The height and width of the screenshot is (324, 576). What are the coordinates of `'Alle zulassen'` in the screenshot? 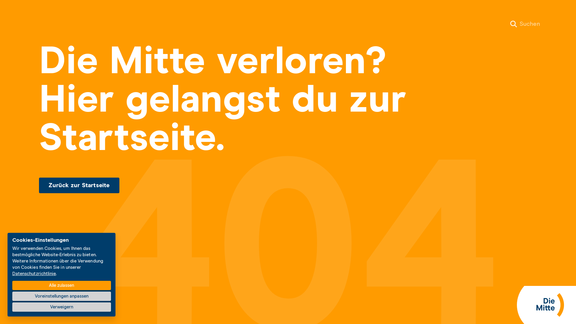 It's located at (61, 285).